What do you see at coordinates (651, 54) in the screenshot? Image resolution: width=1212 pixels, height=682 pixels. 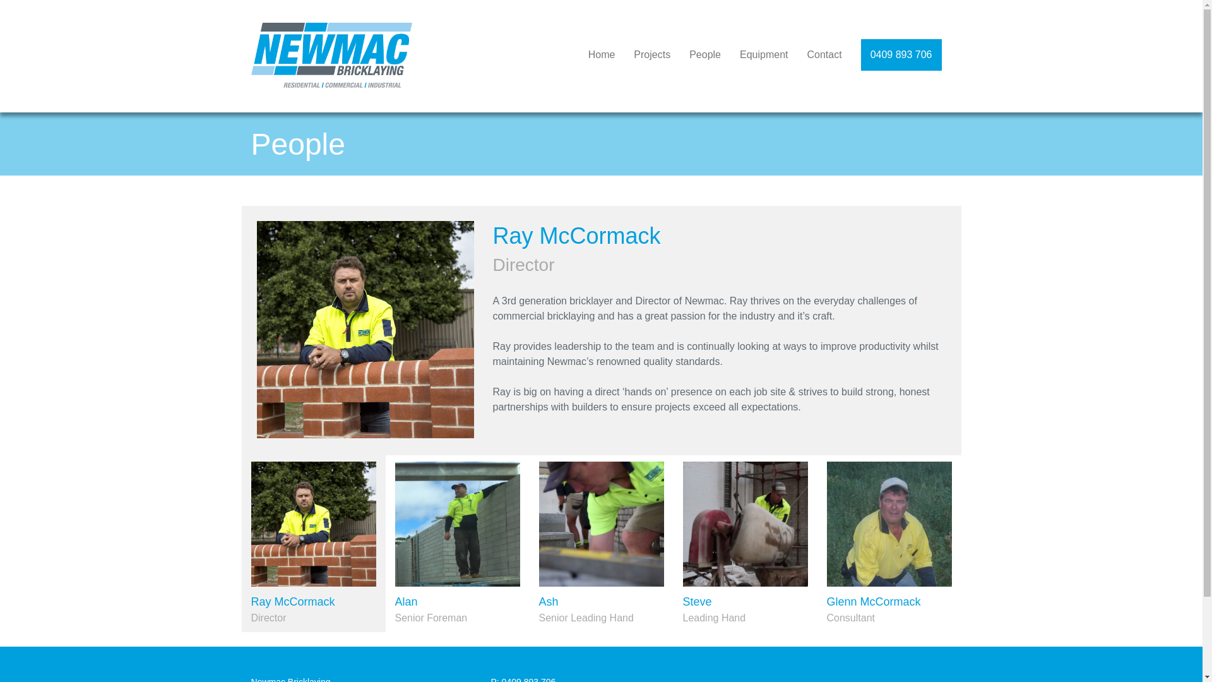 I see `'Projects'` at bounding box center [651, 54].